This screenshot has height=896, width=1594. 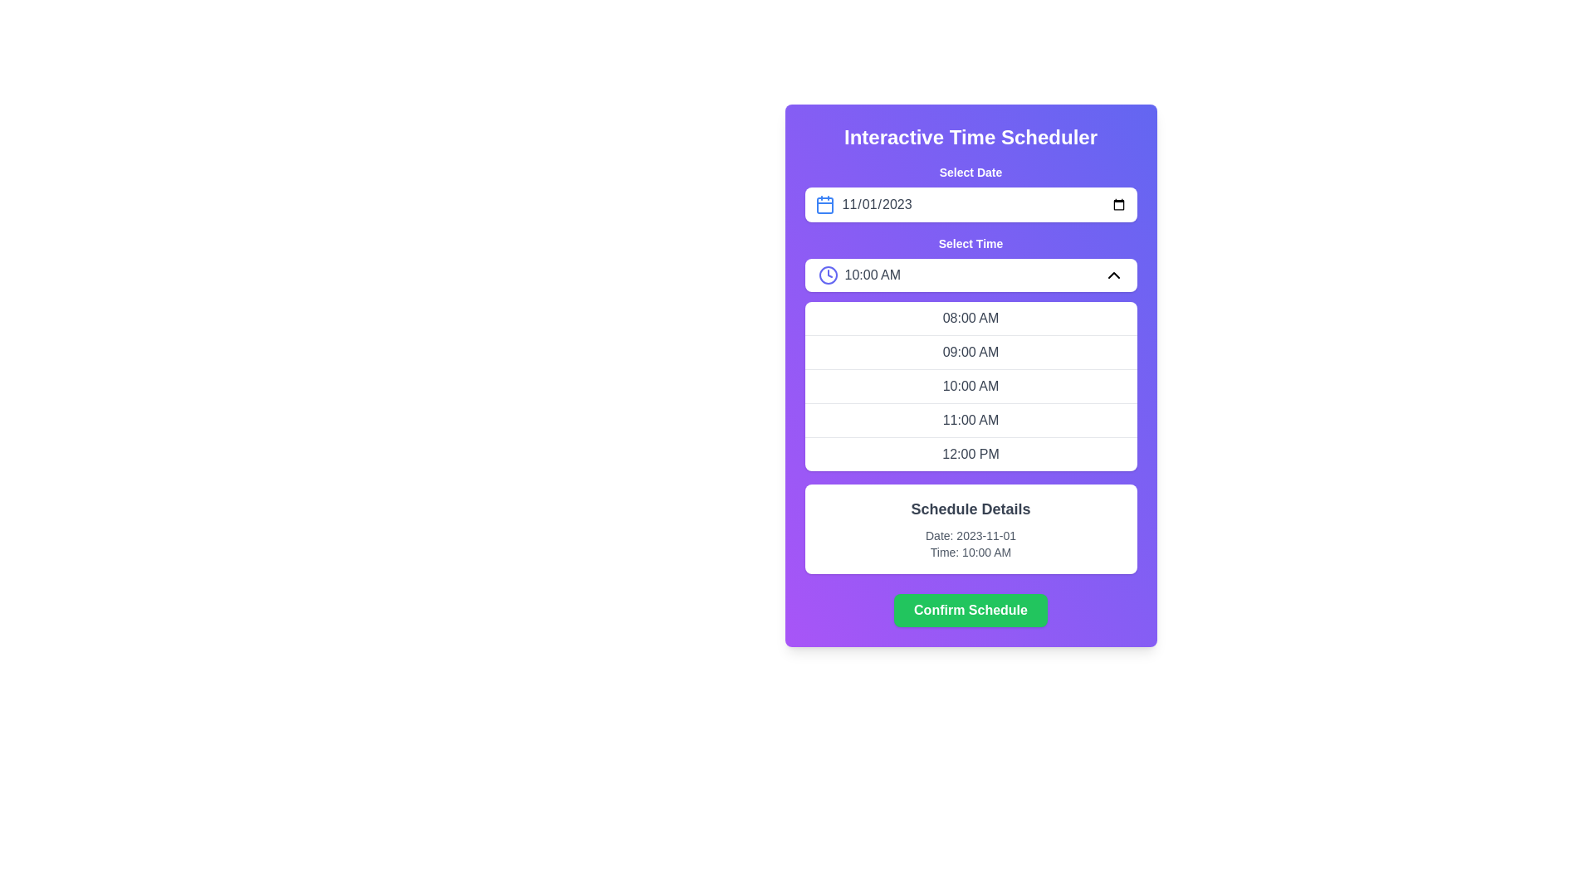 I want to click on the 'Select Date' section in the scheduling interface, so click(x=971, y=192).